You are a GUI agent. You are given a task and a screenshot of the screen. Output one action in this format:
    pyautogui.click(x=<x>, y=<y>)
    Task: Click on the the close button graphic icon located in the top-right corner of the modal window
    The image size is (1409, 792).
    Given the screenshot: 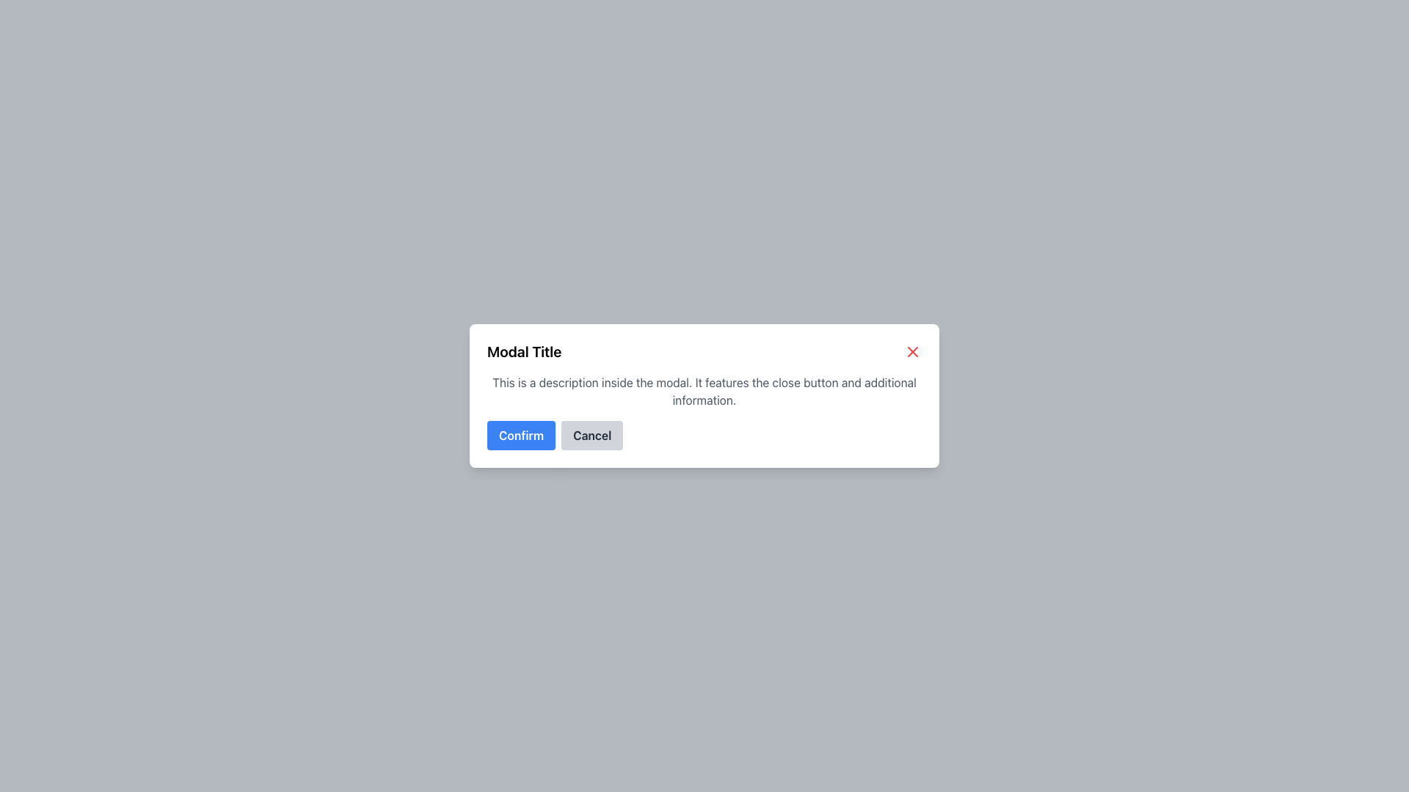 What is the action you would take?
    pyautogui.click(x=911, y=351)
    